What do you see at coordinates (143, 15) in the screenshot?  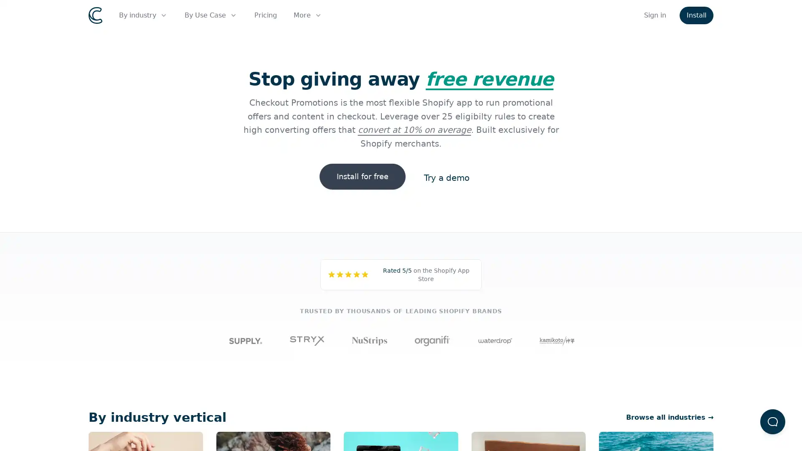 I see `By industry` at bounding box center [143, 15].